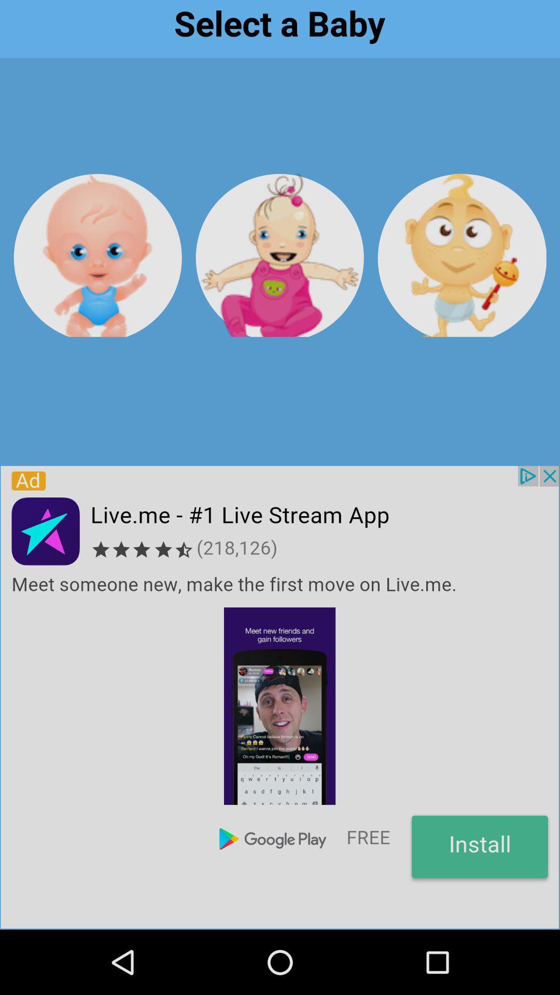 This screenshot has width=560, height=995. I want to click on baby, so click(279, 255).